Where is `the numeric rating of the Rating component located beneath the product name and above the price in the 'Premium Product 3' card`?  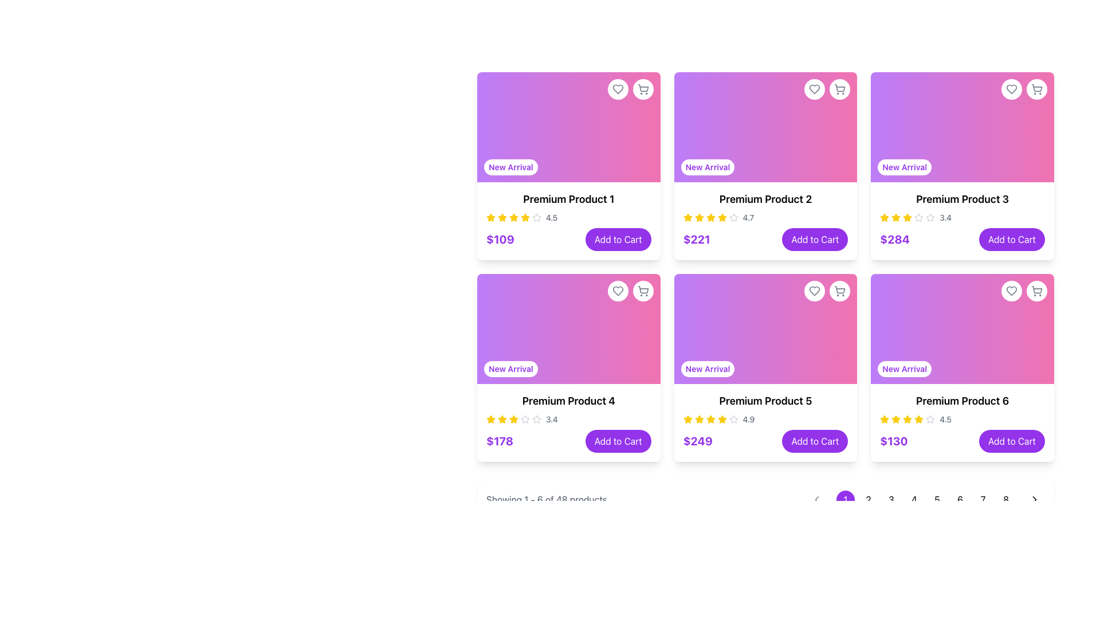
the numeric rating of the Rating component located beneath the product name and above the price in the 'Premium Product 3' card is located at coordinates (962, 218).